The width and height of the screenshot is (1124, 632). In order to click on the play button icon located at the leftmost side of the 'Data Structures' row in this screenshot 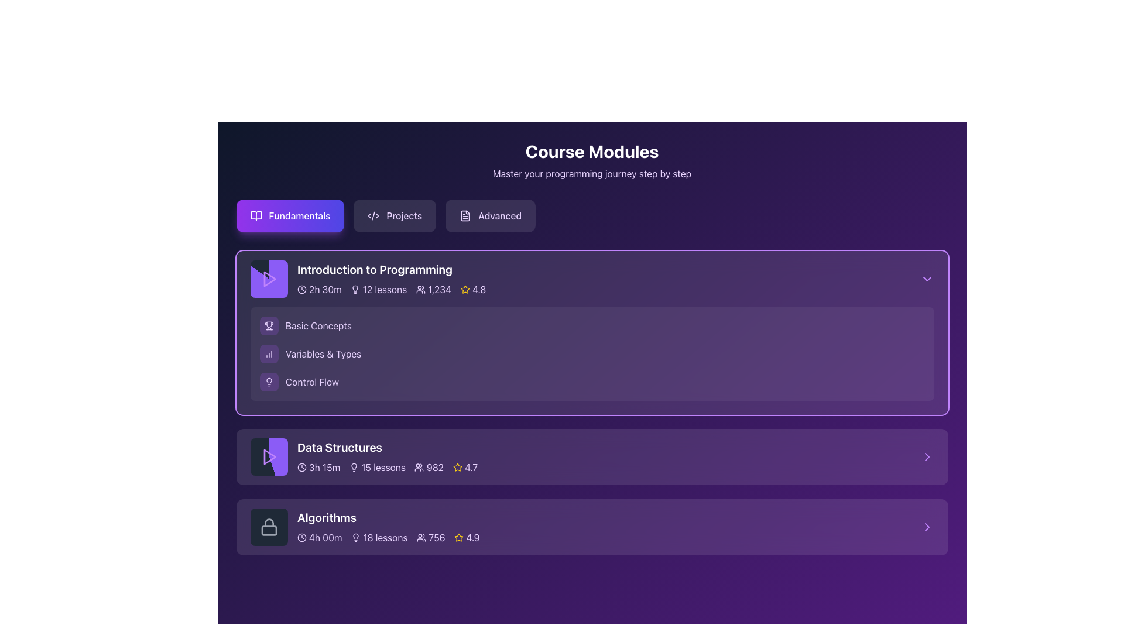, I will do `click(268, 456)`.